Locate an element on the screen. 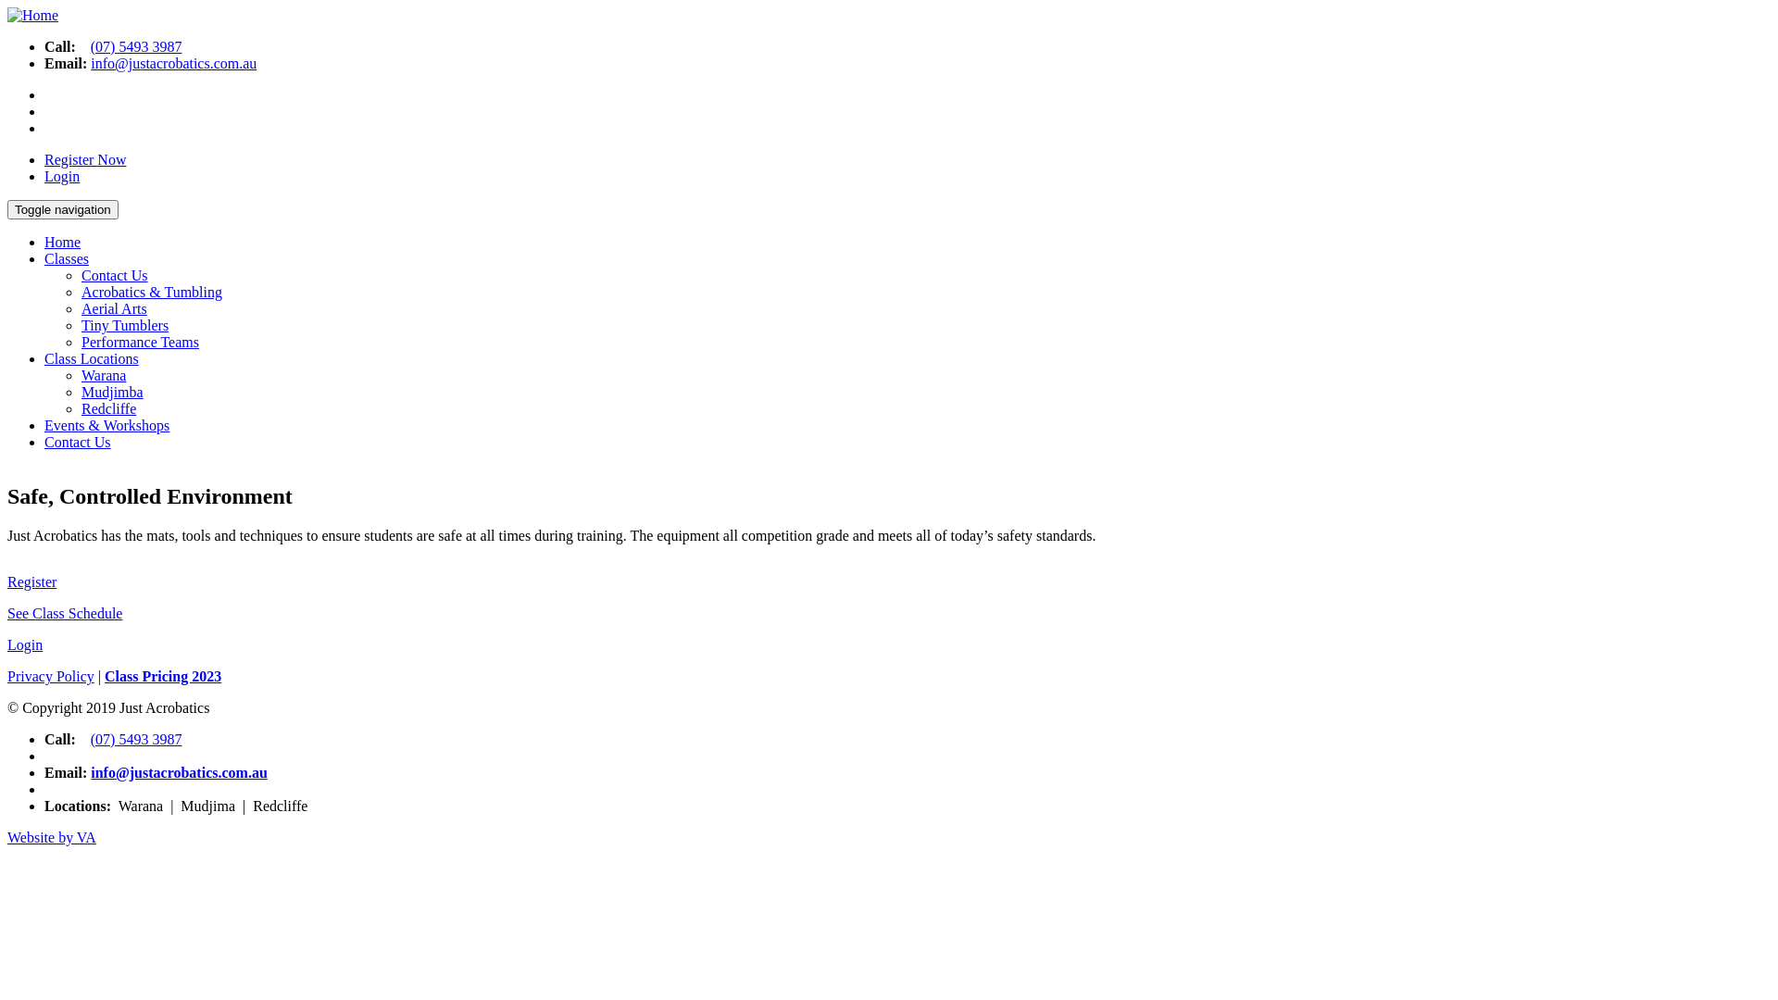  'Home' is located at coordinates (7, 15).